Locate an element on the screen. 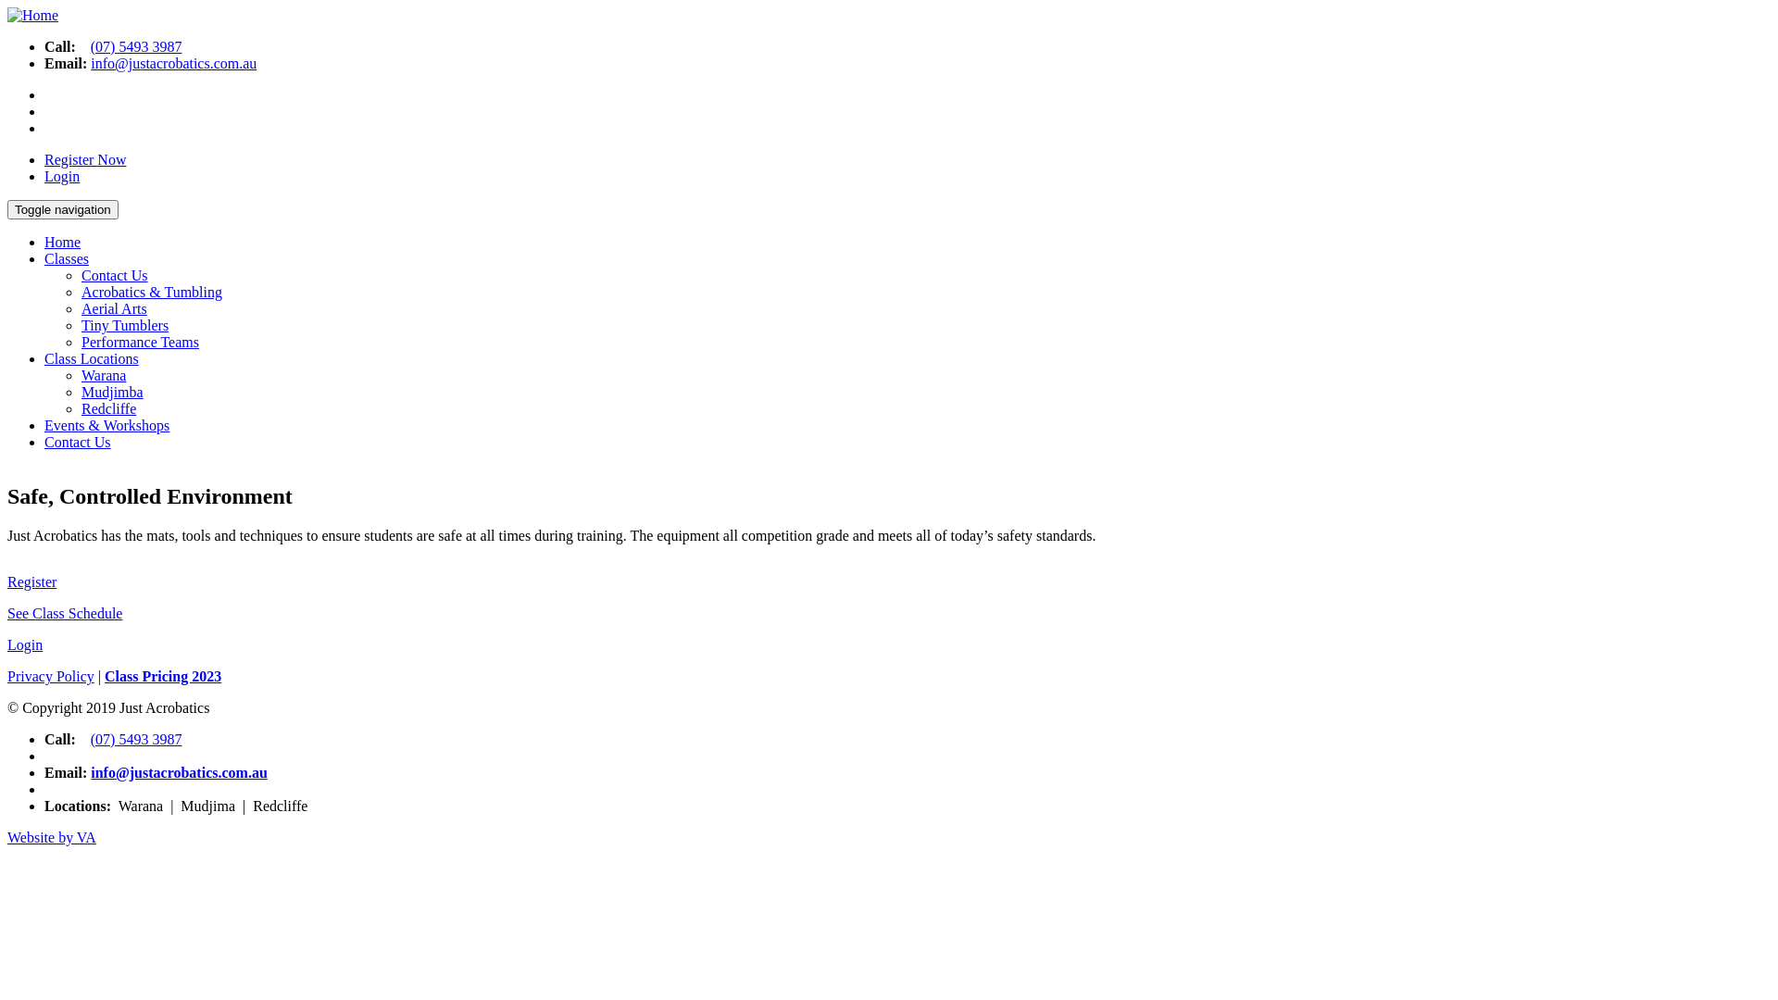  'Home' is located at coordinates (7, 15).